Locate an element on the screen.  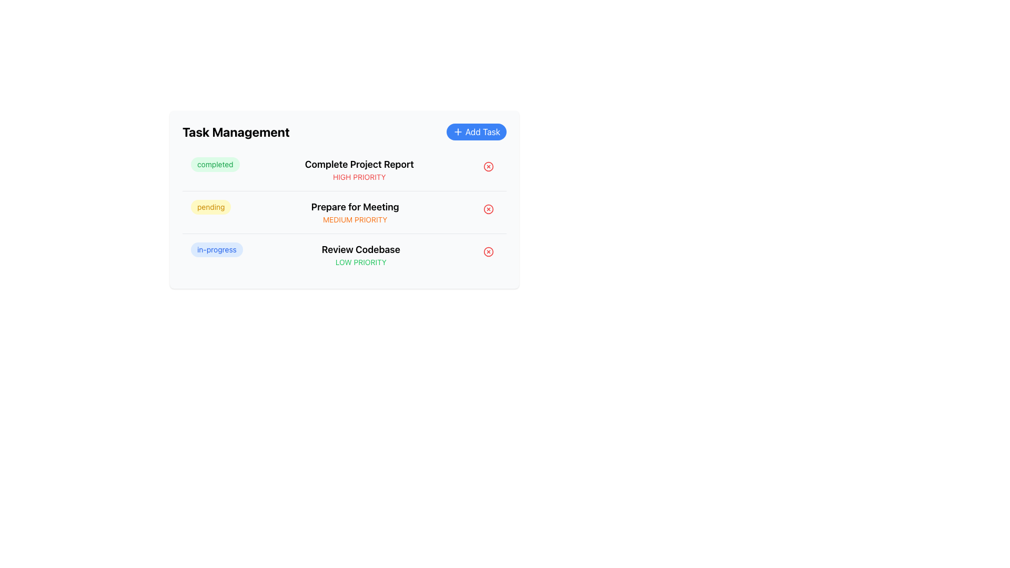
the task addition icon located to the left of the 'Add Task' button at the top-right corner of the task management interface is located at coordinates (458, 131).